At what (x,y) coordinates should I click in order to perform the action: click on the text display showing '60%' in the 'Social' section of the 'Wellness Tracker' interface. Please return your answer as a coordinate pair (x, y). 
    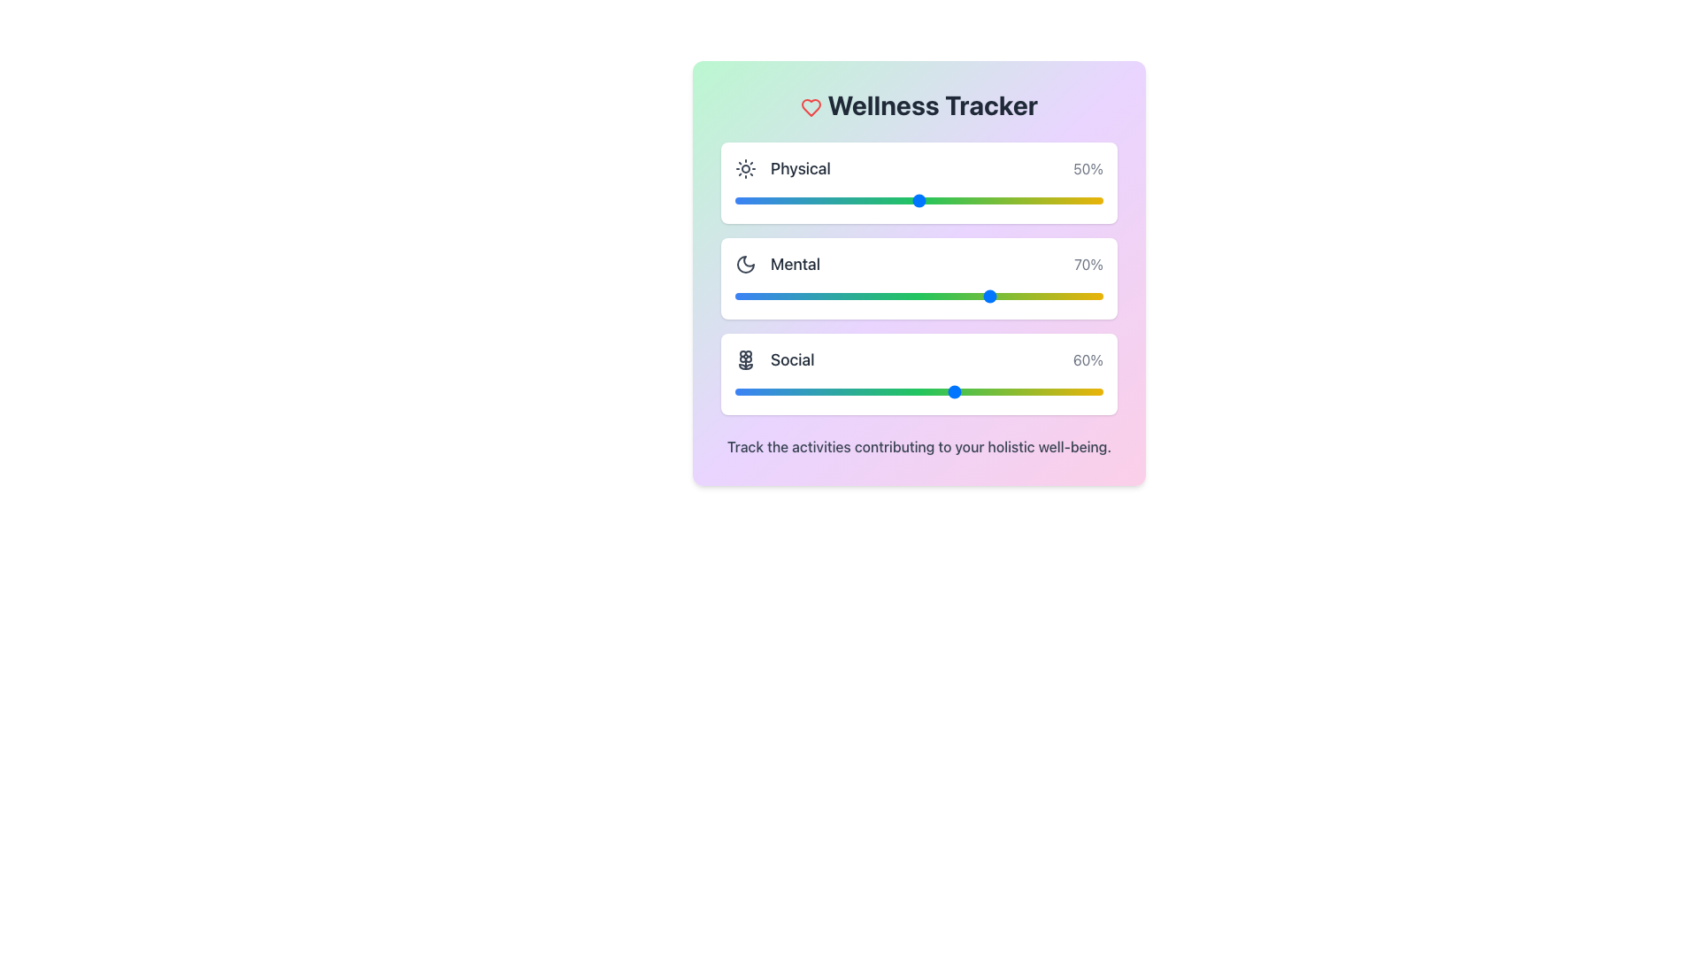
    Looking at the image, I should click on (1087, 359).